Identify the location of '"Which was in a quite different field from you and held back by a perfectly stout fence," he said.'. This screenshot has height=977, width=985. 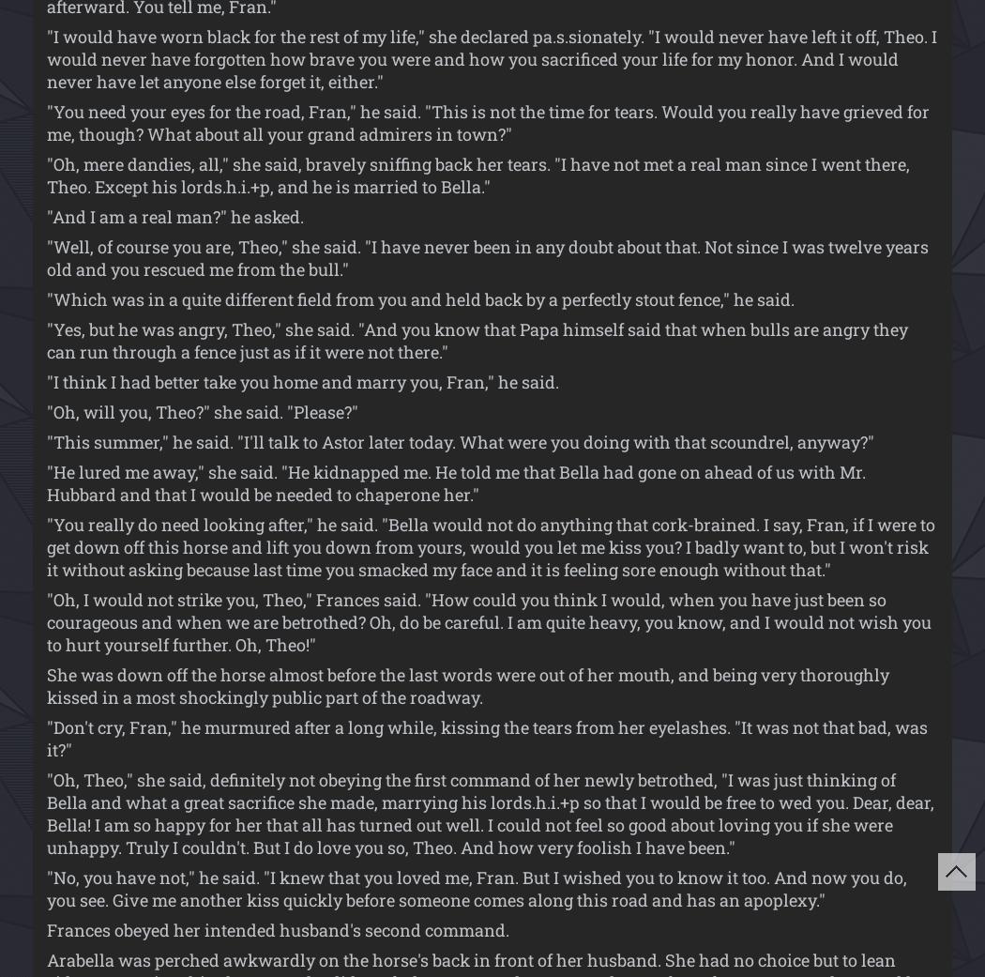
(419, 298).